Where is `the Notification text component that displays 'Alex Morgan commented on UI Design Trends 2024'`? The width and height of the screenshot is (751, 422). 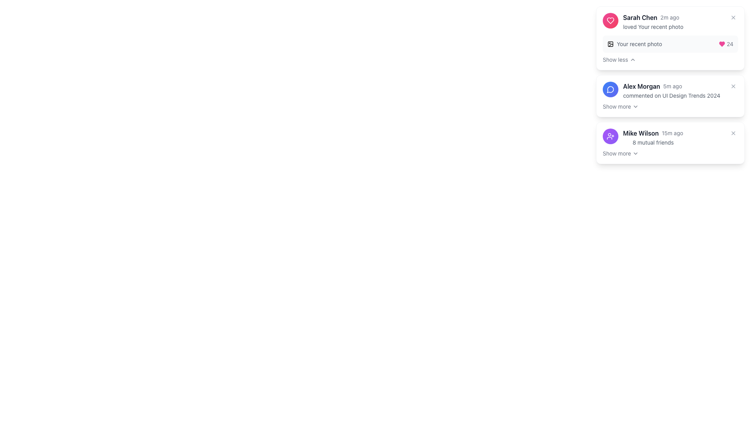
the Notification text component that displays 'Alex Morgan commented on UI Design Trends 2024' is located at coordinates (671, 90).